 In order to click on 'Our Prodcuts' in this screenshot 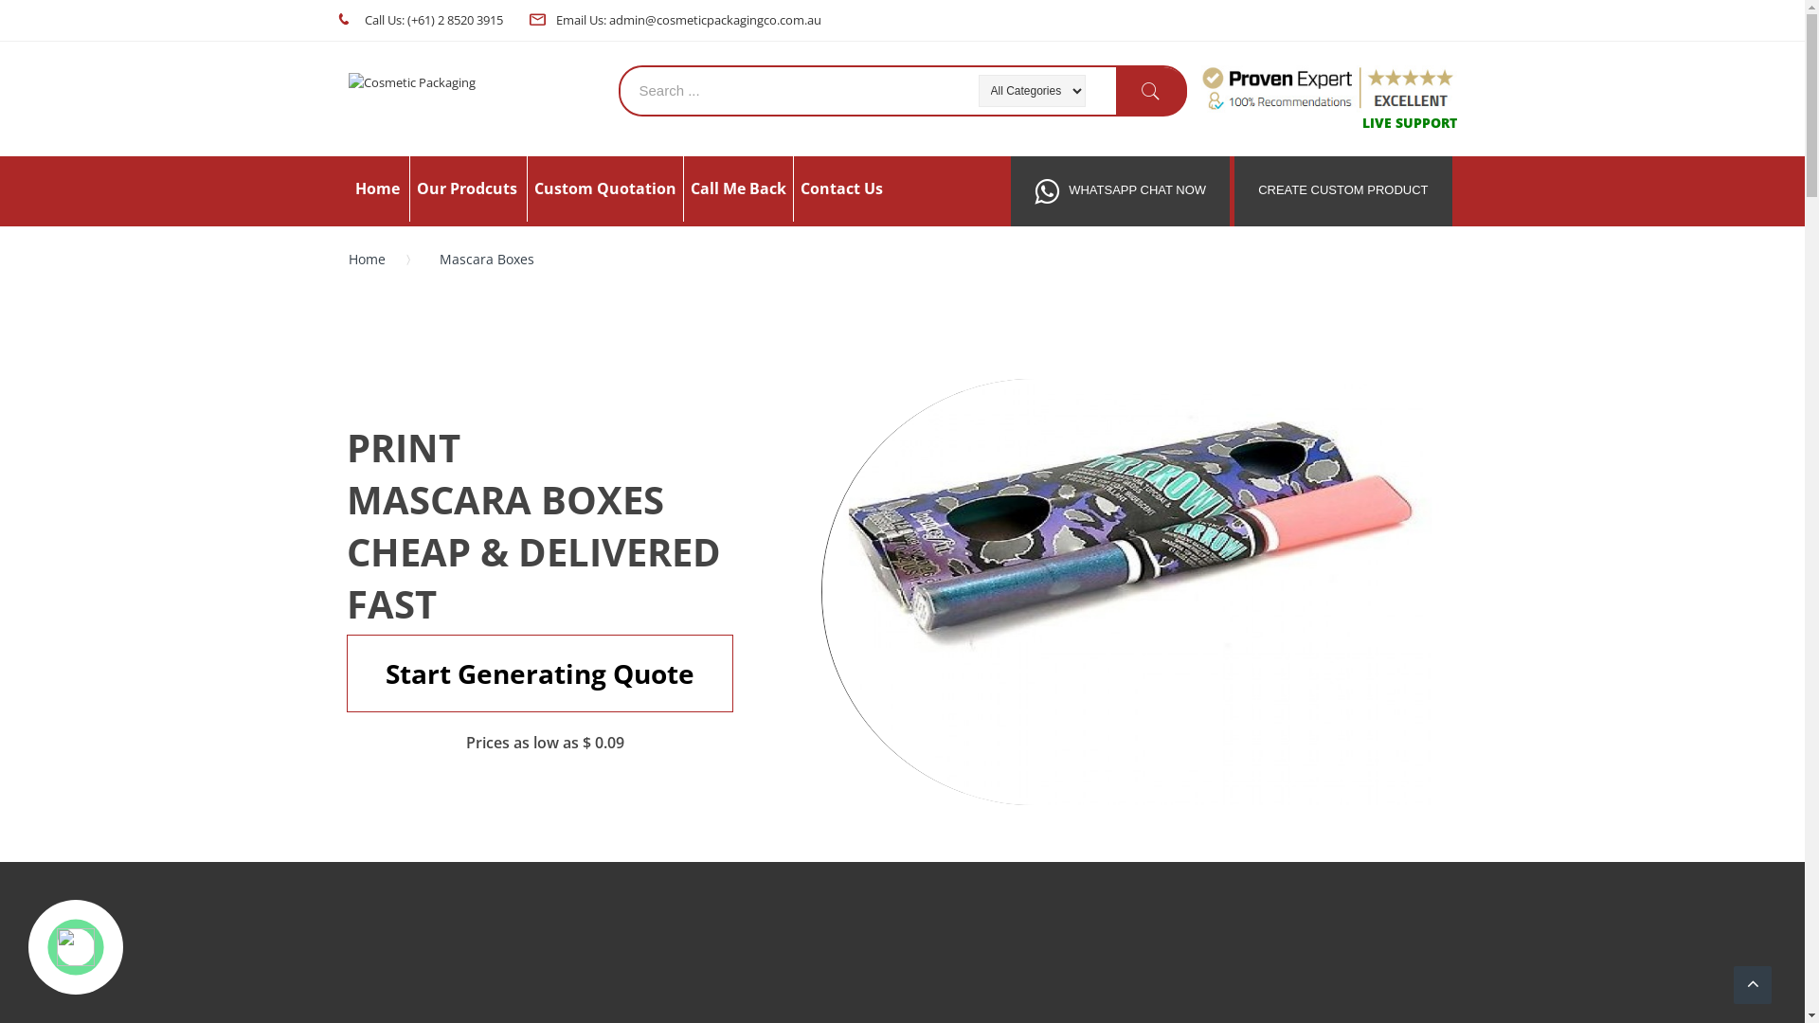, I will do `click(466, 188)`.